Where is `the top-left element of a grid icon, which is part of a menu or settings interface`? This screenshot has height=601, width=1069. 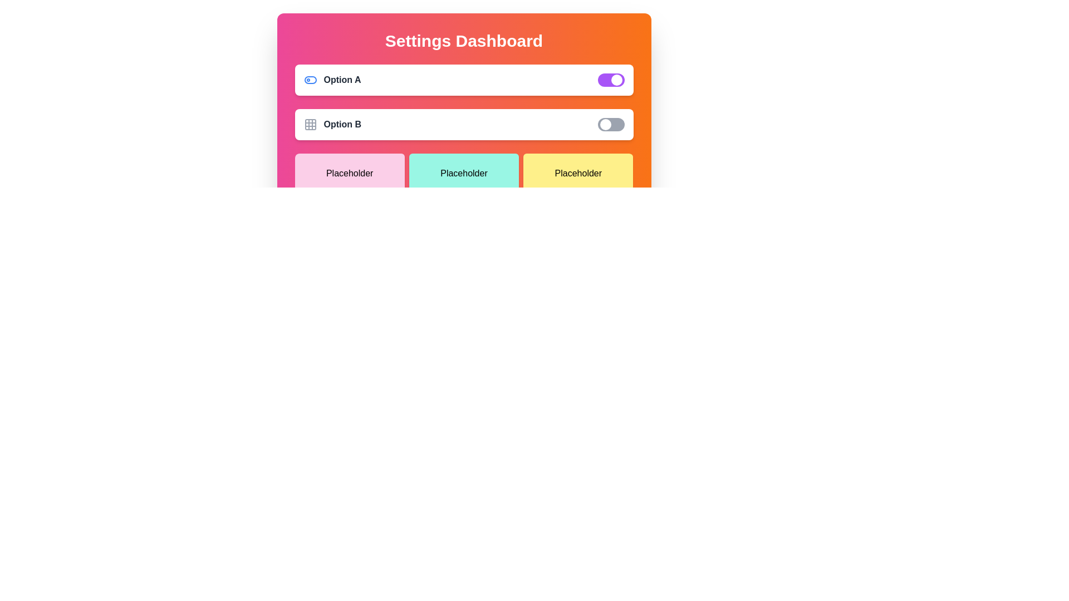 the top-left element of a grid icon, which is part of a menu or settings interface is located at coordinates (310, 124).